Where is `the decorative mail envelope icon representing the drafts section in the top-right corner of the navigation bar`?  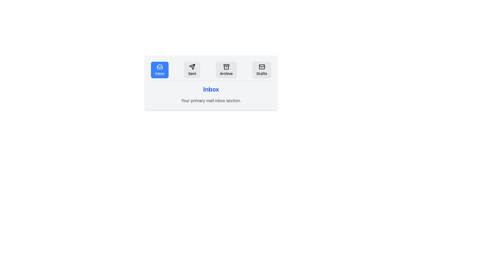 the decorative mail envelope icon representing the drafts section in the top-right corner of the navigation bar is located at coordinates (262, 67).